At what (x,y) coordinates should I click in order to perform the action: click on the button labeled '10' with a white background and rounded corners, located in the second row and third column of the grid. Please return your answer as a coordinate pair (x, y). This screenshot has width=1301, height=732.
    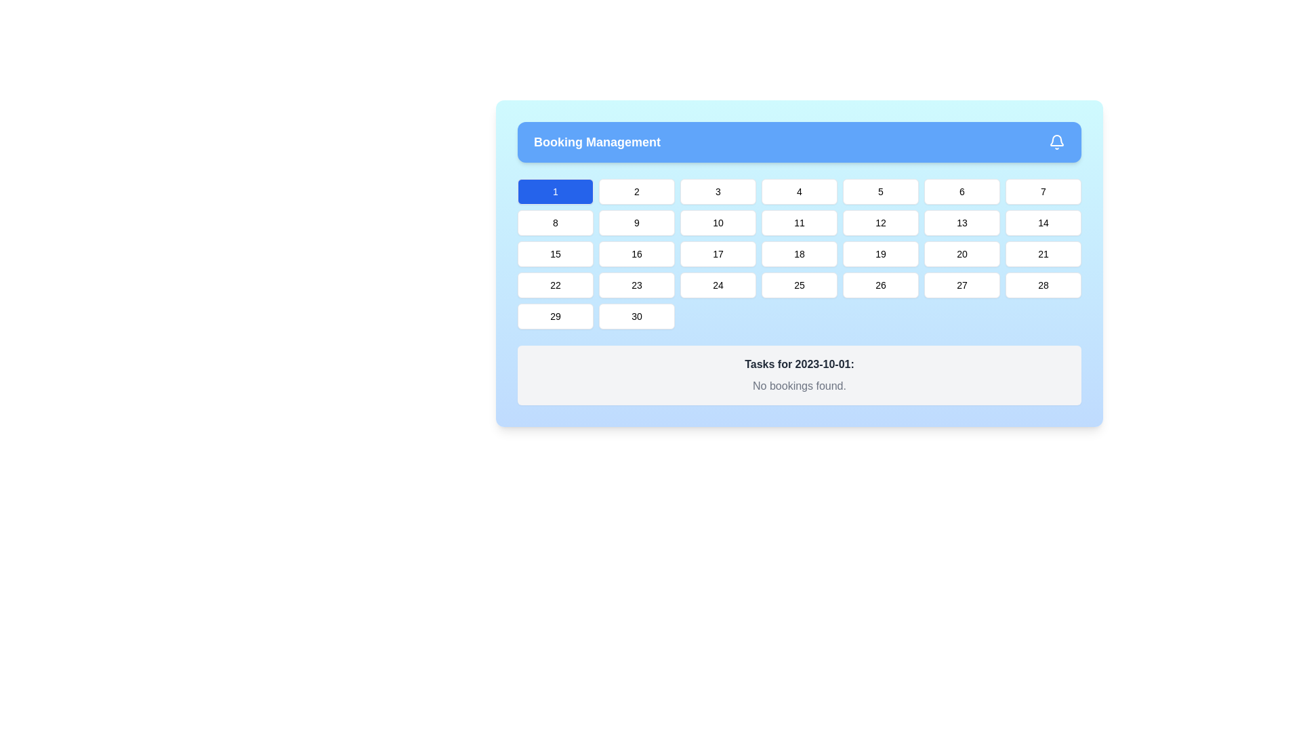
    Looking at the image, I should click on (718, 222).